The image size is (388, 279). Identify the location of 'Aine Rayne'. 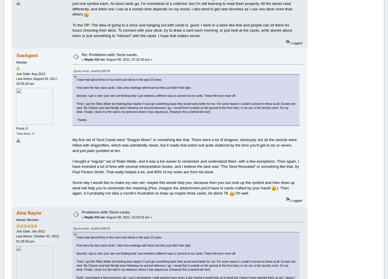
(28, 213).